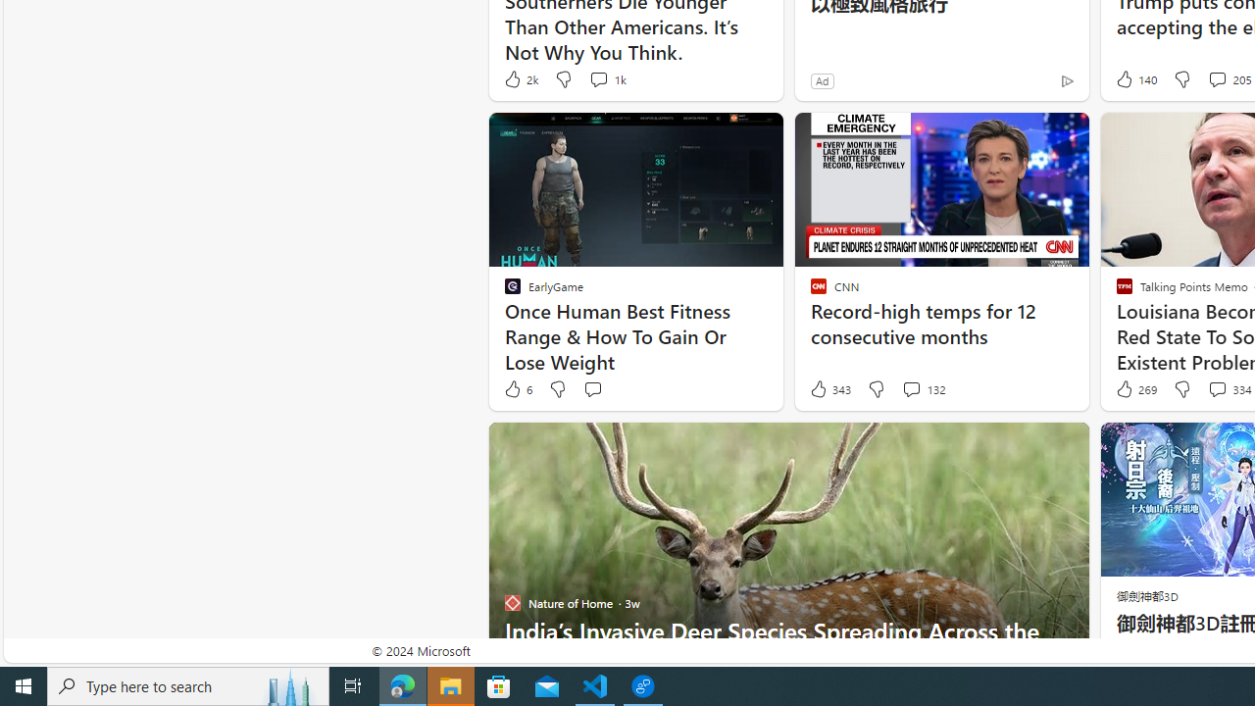  I want to click on '269 Like', so click(1134, 389).